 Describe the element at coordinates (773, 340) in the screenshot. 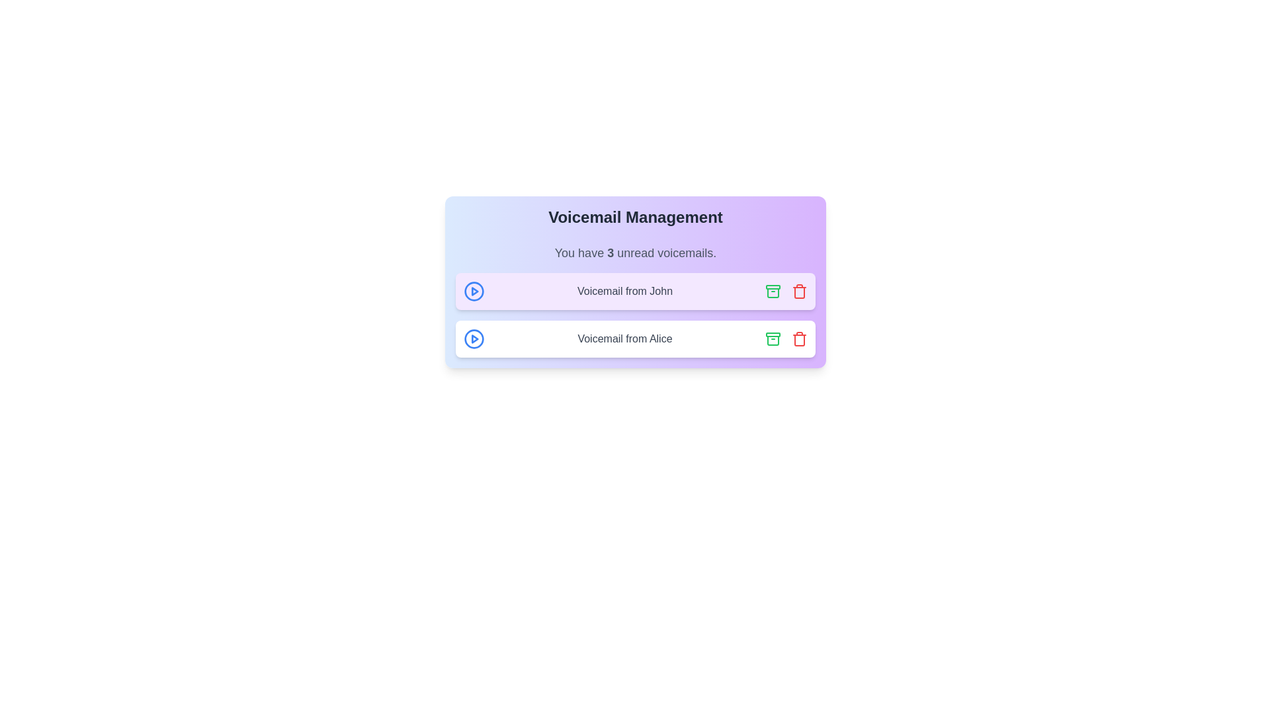

I see `the curved rectangular shape of the archive icon located in the rightmost position of the second row of the voicemail list` at that location.